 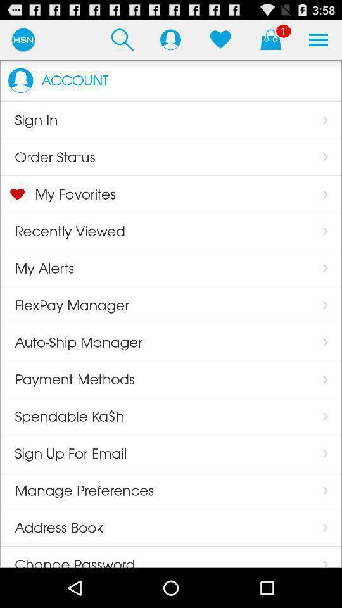 I want to click on spendable ka$h item, so click(x=61, y=415).